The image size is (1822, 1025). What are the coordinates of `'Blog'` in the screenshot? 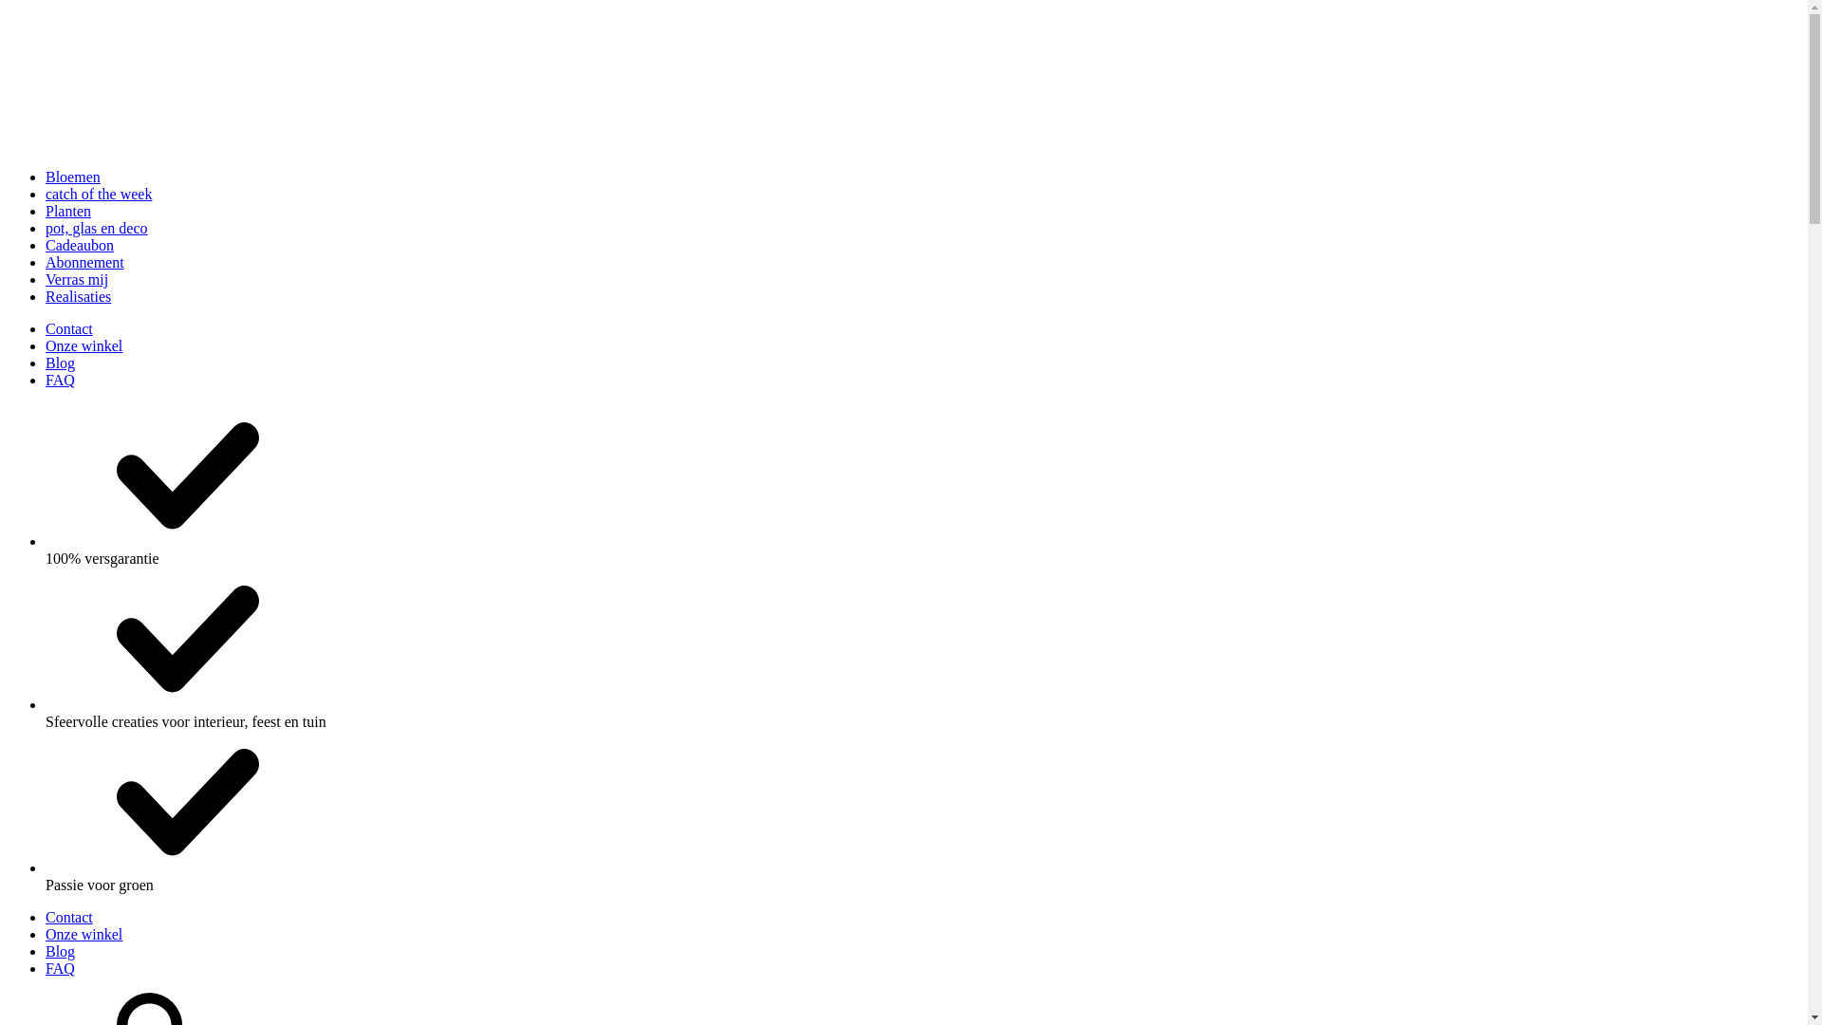 It's located at (60, 363).